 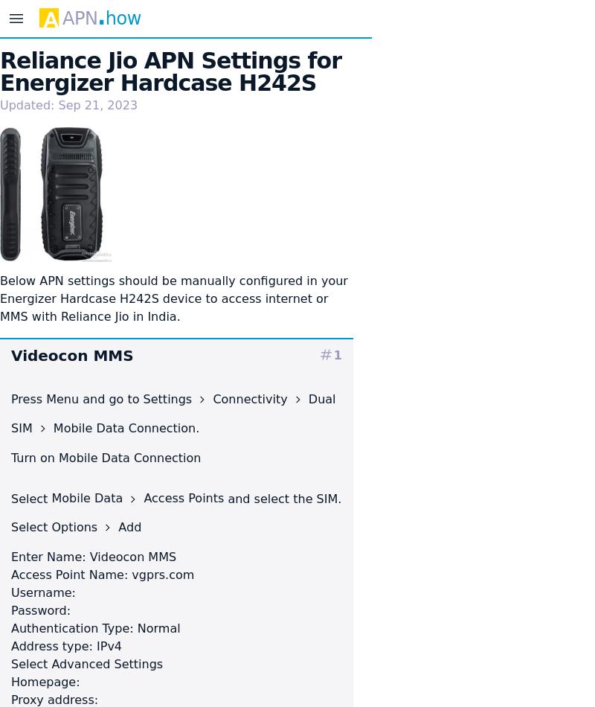 What do you see at coordinates (127, 527) in the screenshot?
I see `'Add'` at bounding box center [127, 527].